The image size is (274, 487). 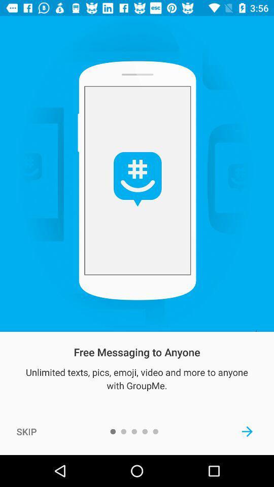 I want to click on next page, so click(x=247, y=431).